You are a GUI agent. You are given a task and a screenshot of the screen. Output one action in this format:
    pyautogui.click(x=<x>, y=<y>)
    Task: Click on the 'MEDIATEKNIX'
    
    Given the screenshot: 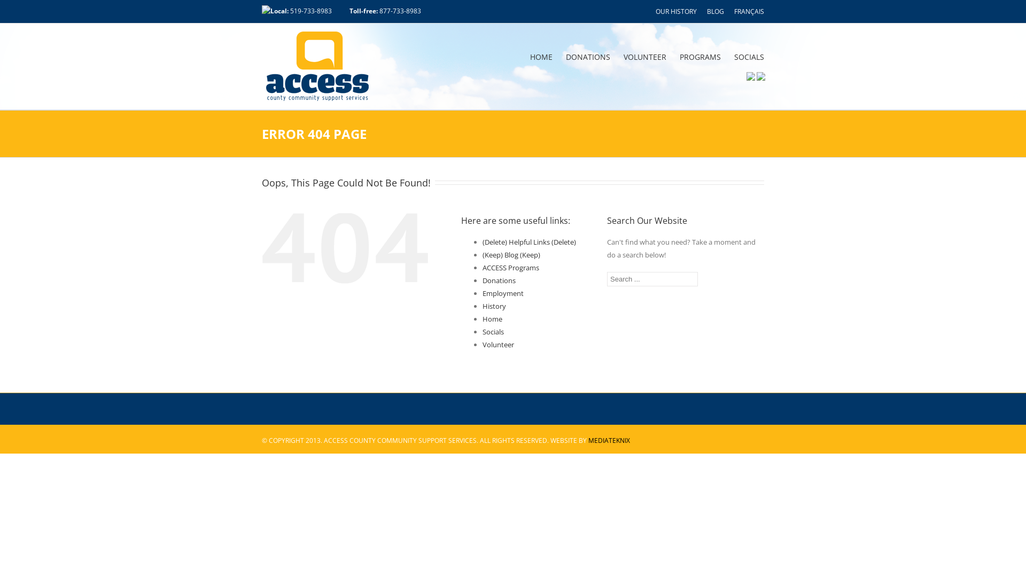 What is the action you would take?
    pyautogui.click(x=609, y=440)
    